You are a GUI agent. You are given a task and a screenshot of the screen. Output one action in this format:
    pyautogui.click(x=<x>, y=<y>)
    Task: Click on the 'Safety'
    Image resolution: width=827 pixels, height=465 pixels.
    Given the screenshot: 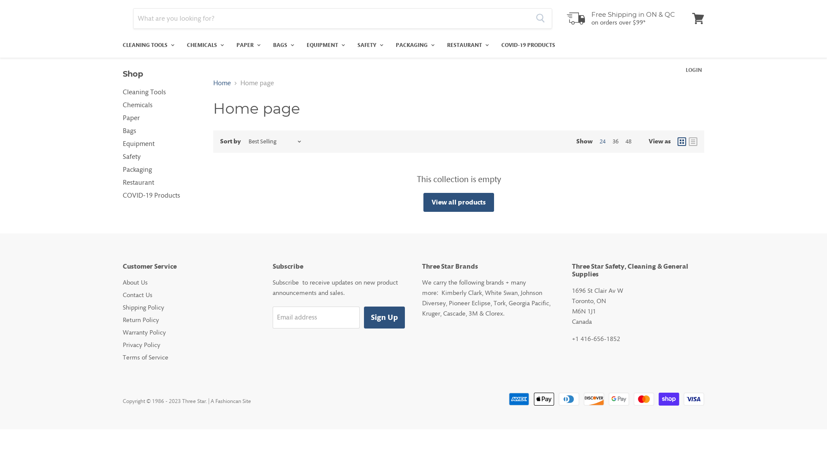 What is the action you would take?
    pyautogui.click(x=131, y=156)
    